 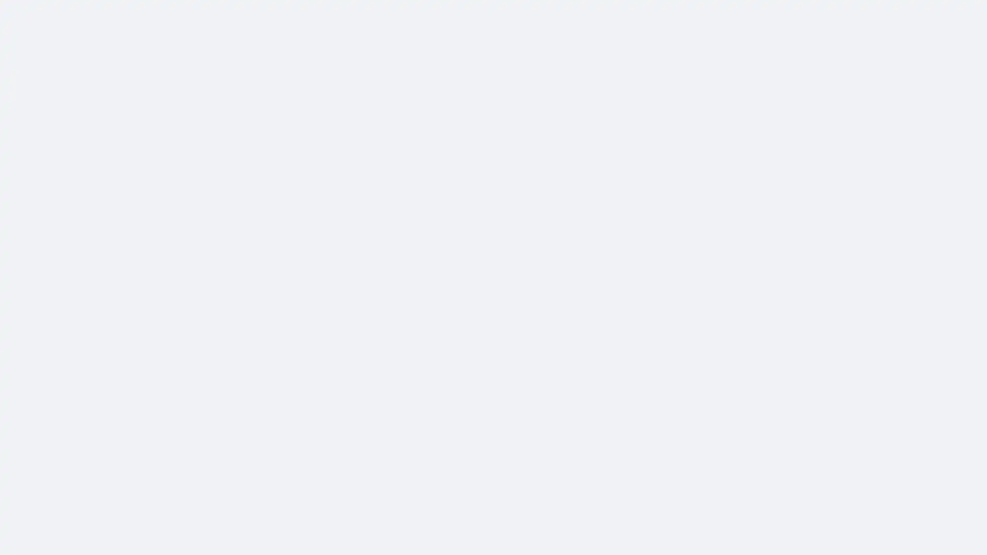 I want to click on Send message, so click(x=638, y=93).